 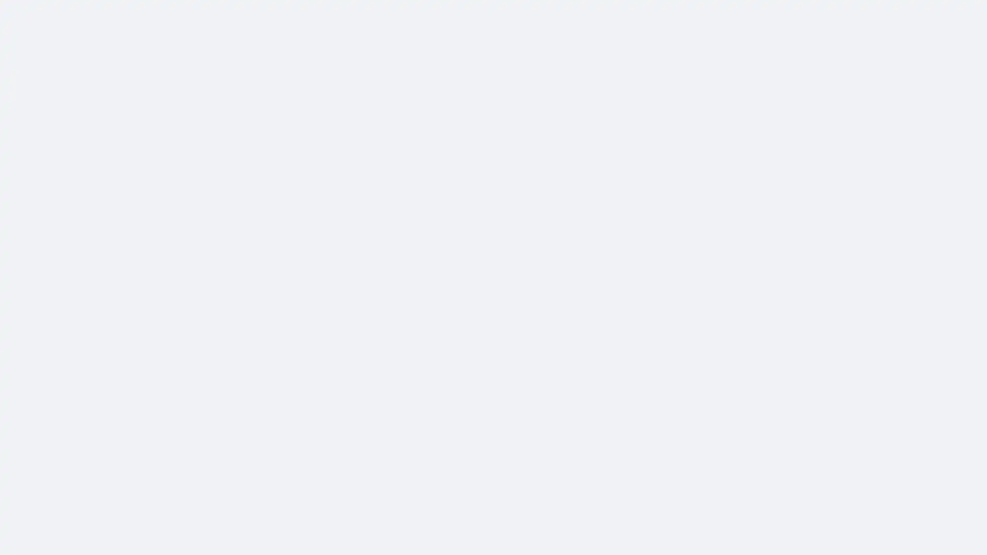 I want to click on Send message, so click(x=638, y=93).